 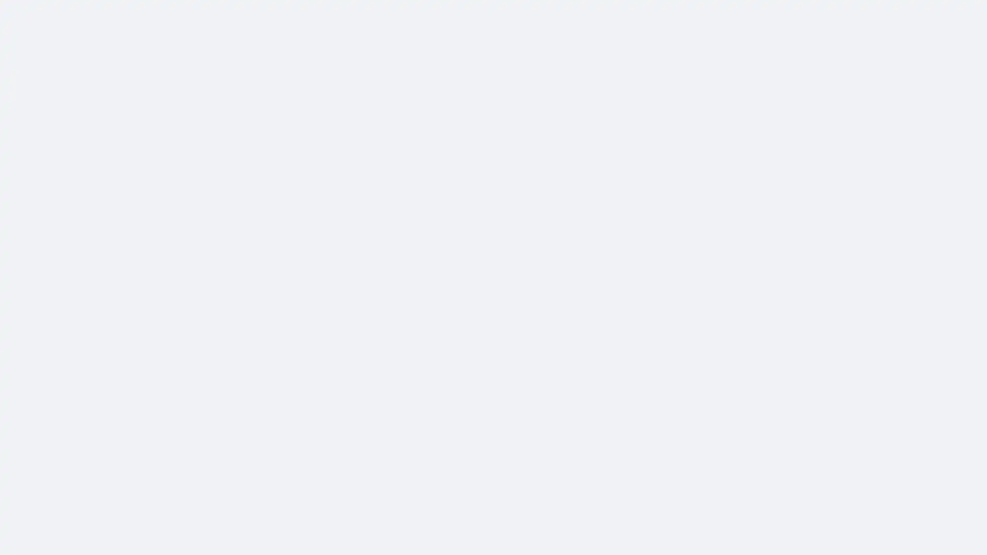 I want to click on Send message, so click(x=638, y=93).